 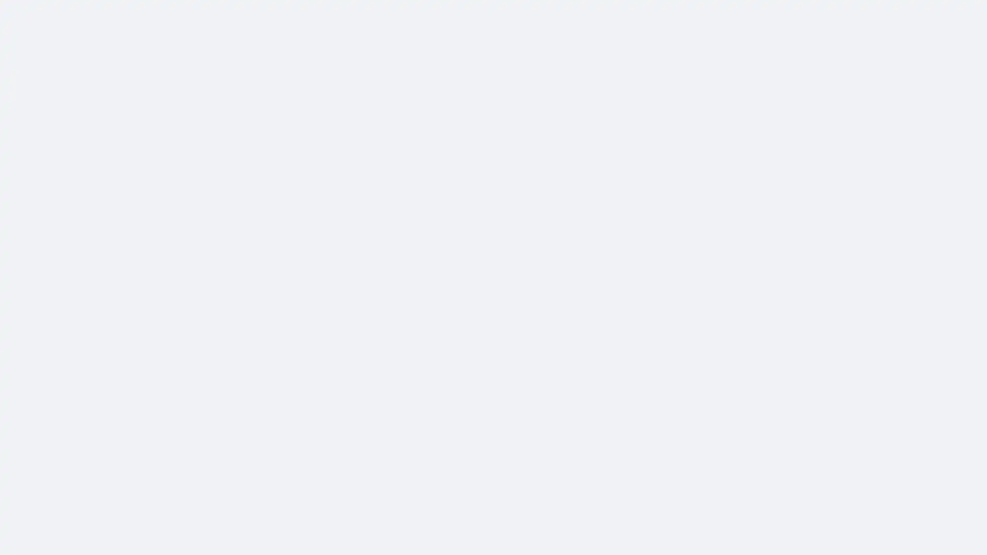 I want to click on Send message, so click(x=638, y=93).